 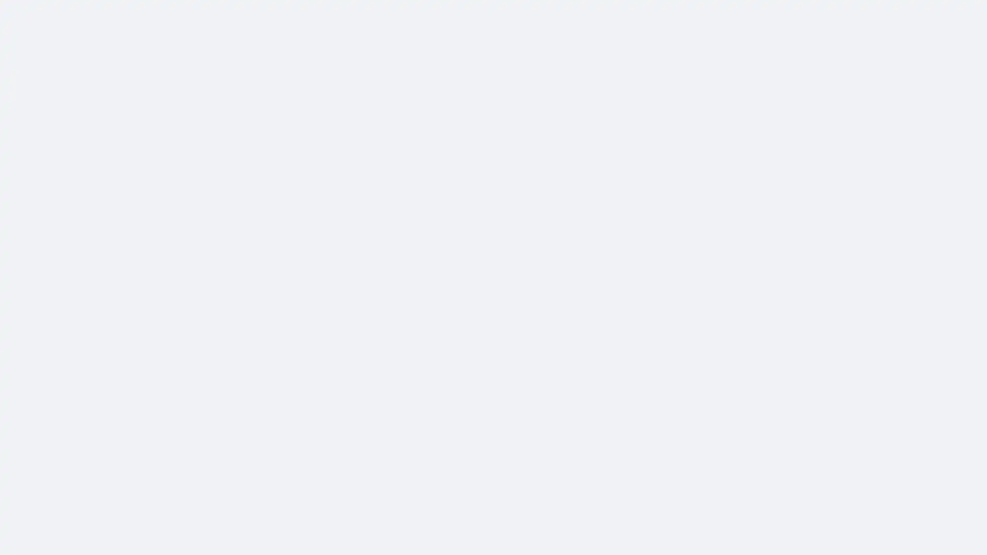 I want to click on Send message, so click(x=638, y=93).